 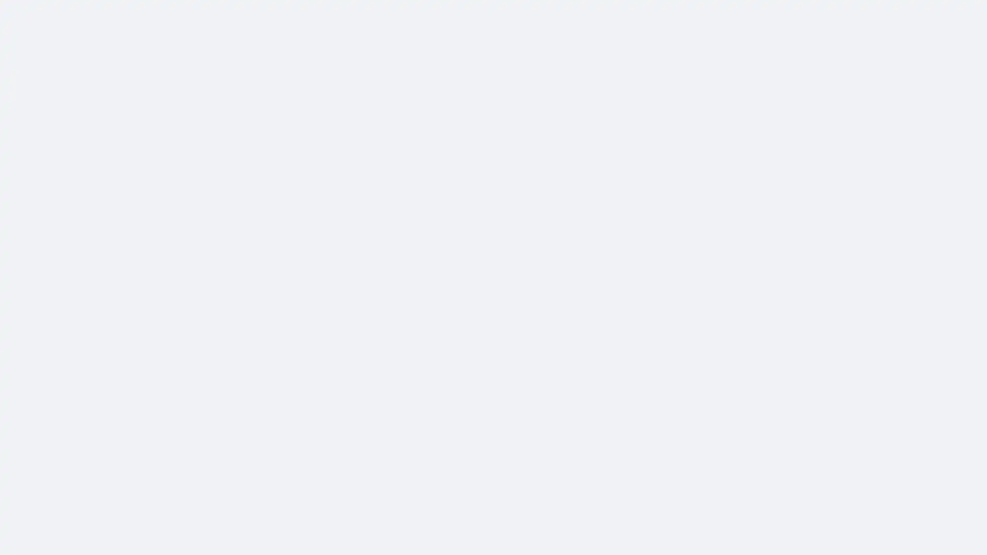 I want to click on Send message, so click(x=638, y=93).